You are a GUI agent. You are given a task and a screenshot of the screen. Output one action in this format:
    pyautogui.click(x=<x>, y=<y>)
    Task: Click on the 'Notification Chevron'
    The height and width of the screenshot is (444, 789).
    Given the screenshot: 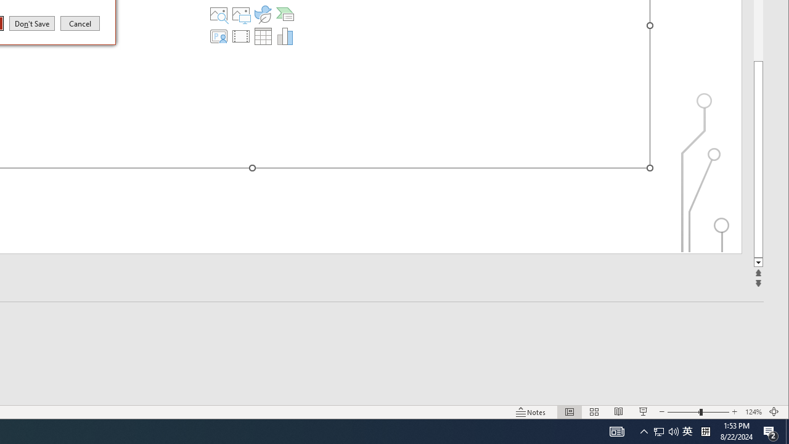 What is the action you would take?
    pyautogui.click(x=644, y=430)
    